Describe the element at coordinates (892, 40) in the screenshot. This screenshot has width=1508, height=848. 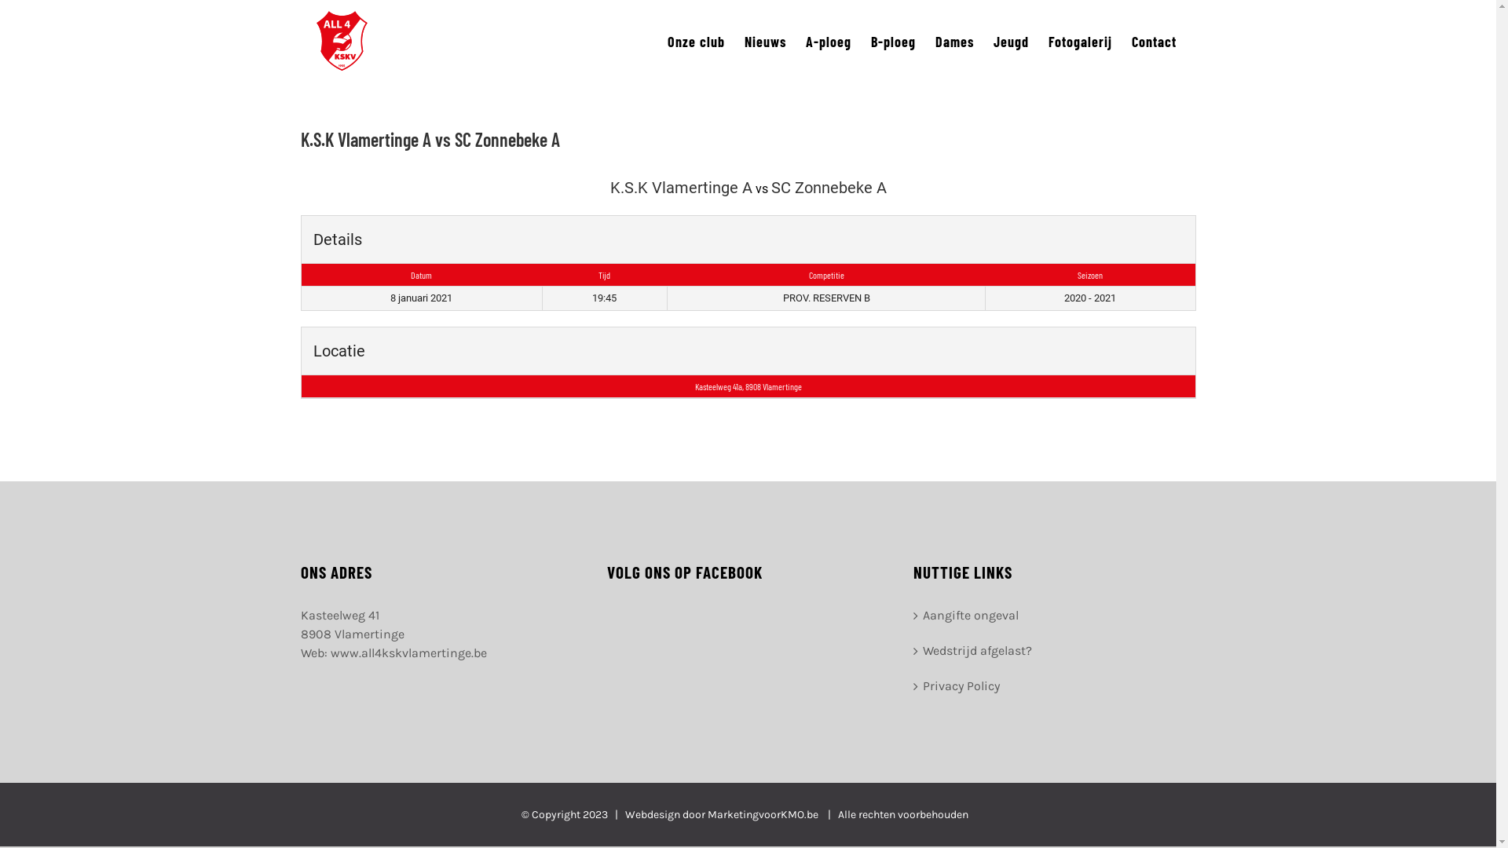
I see `'B-ploeg'` at that location.